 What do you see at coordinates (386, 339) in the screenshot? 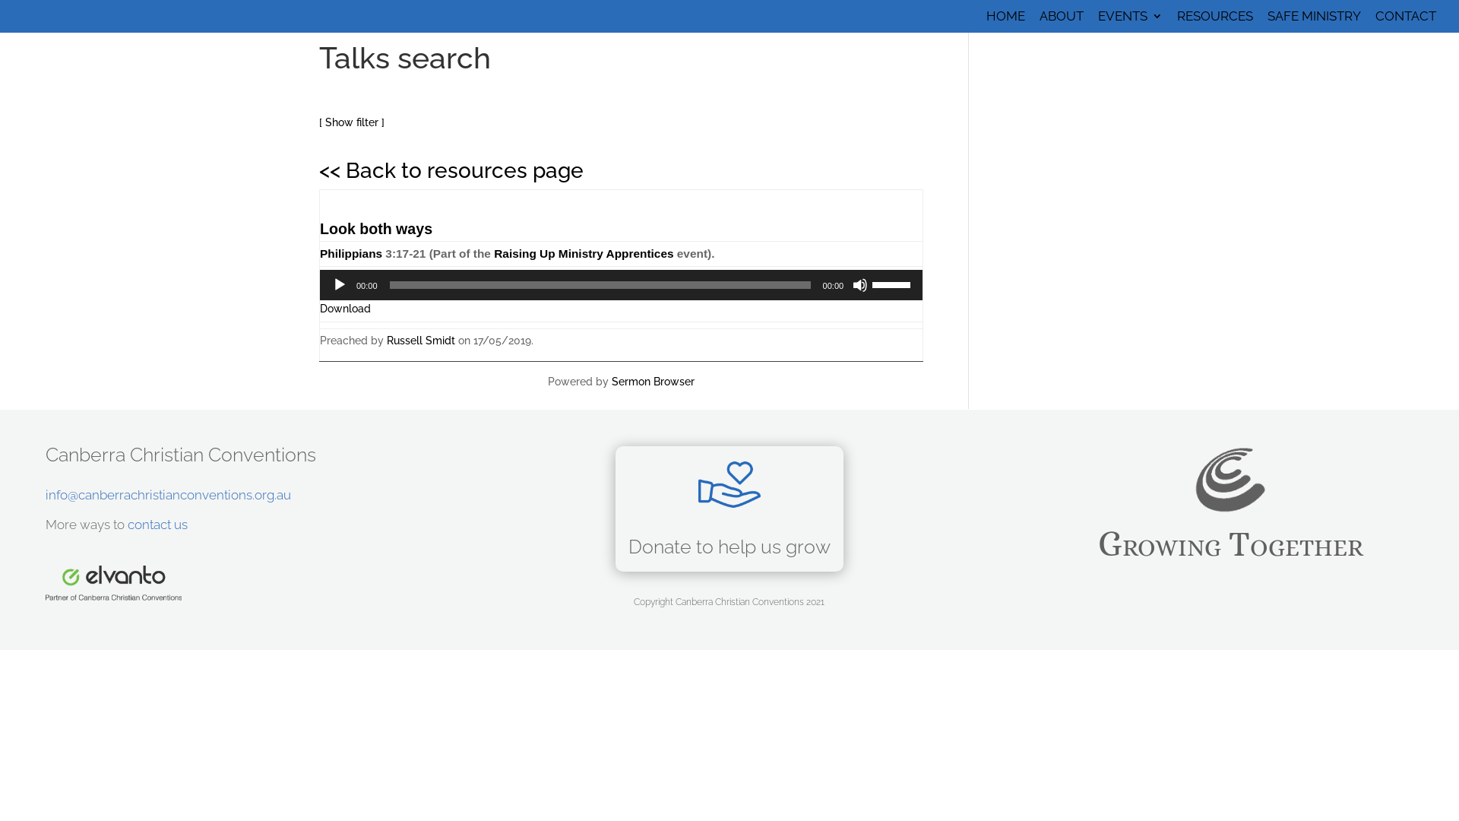
I see `'Russell Smidt'` at bounding box center [386, 339].